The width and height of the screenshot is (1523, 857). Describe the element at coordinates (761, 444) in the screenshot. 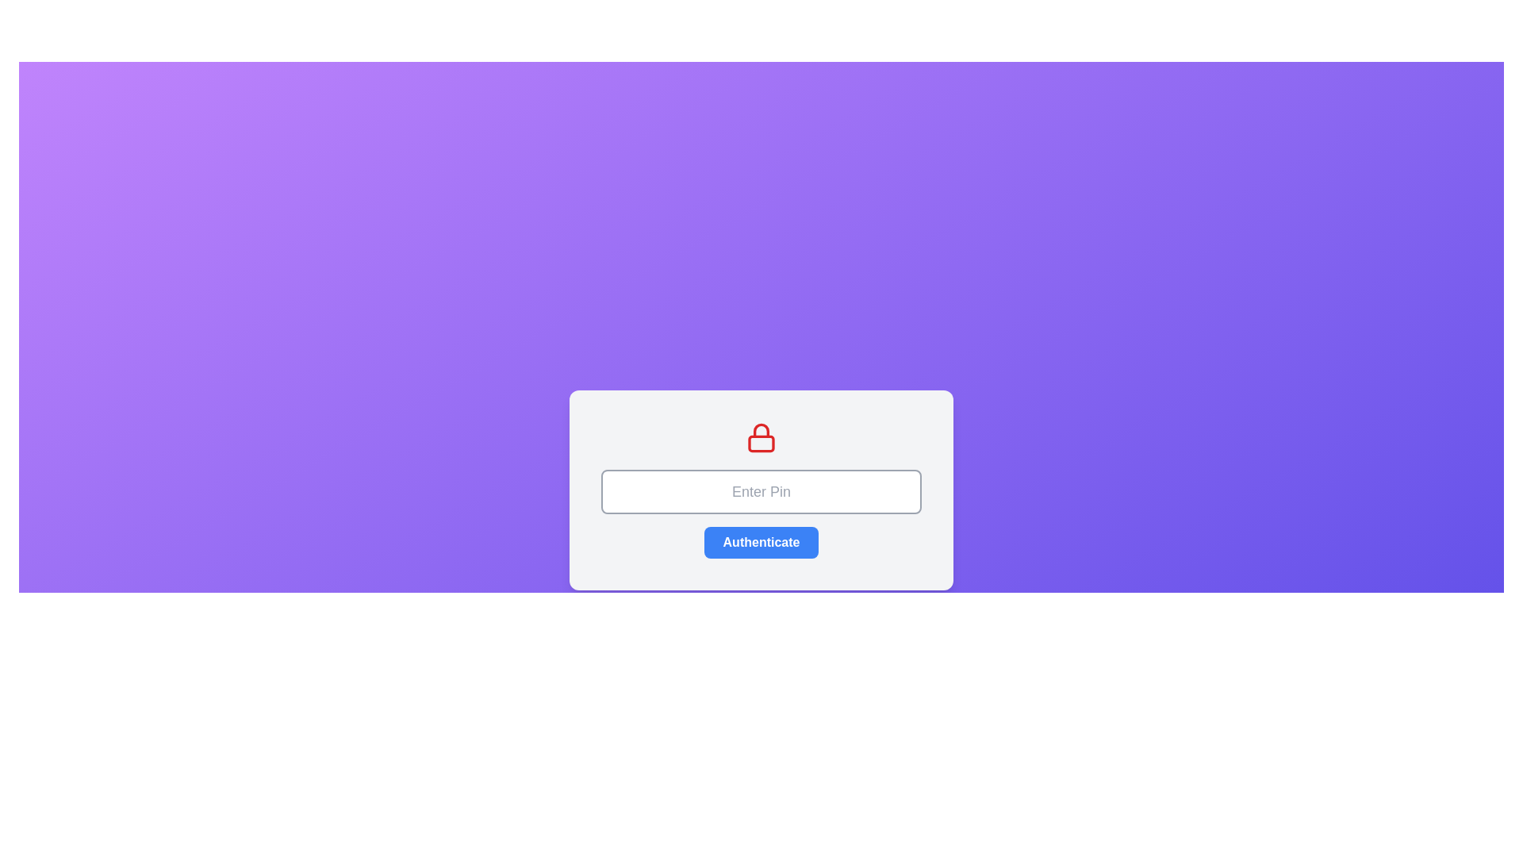

I see `the lower rectangular portion of the lock icon, which is a decorative graphical element situated above the text field and near the center of the modal window` at that location.